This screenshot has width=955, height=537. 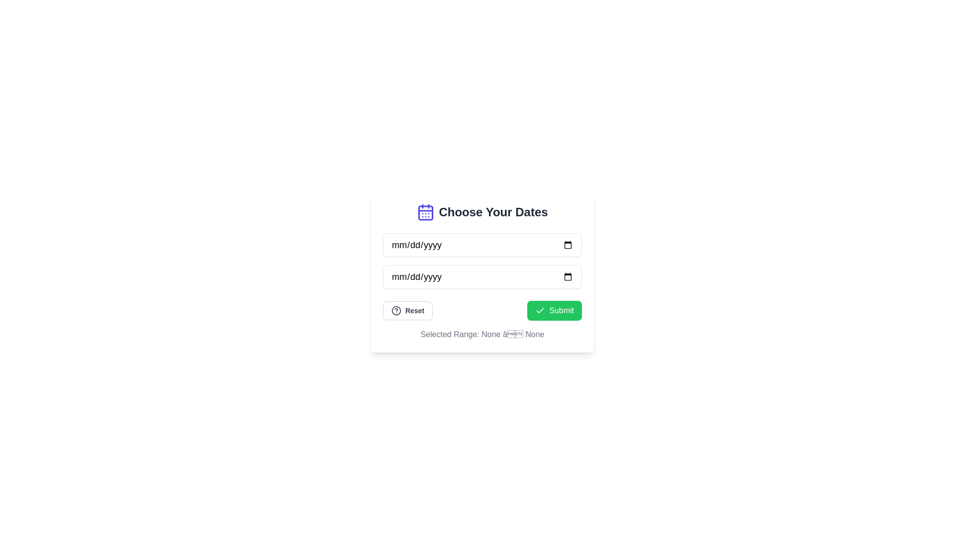 What do you see at coordinates (482, 276) in the screenshot?
I see `a date from the calendar picker by clicking on the second Date Input Field located below the 'Start Date' field` at bounding box center [482, 276].